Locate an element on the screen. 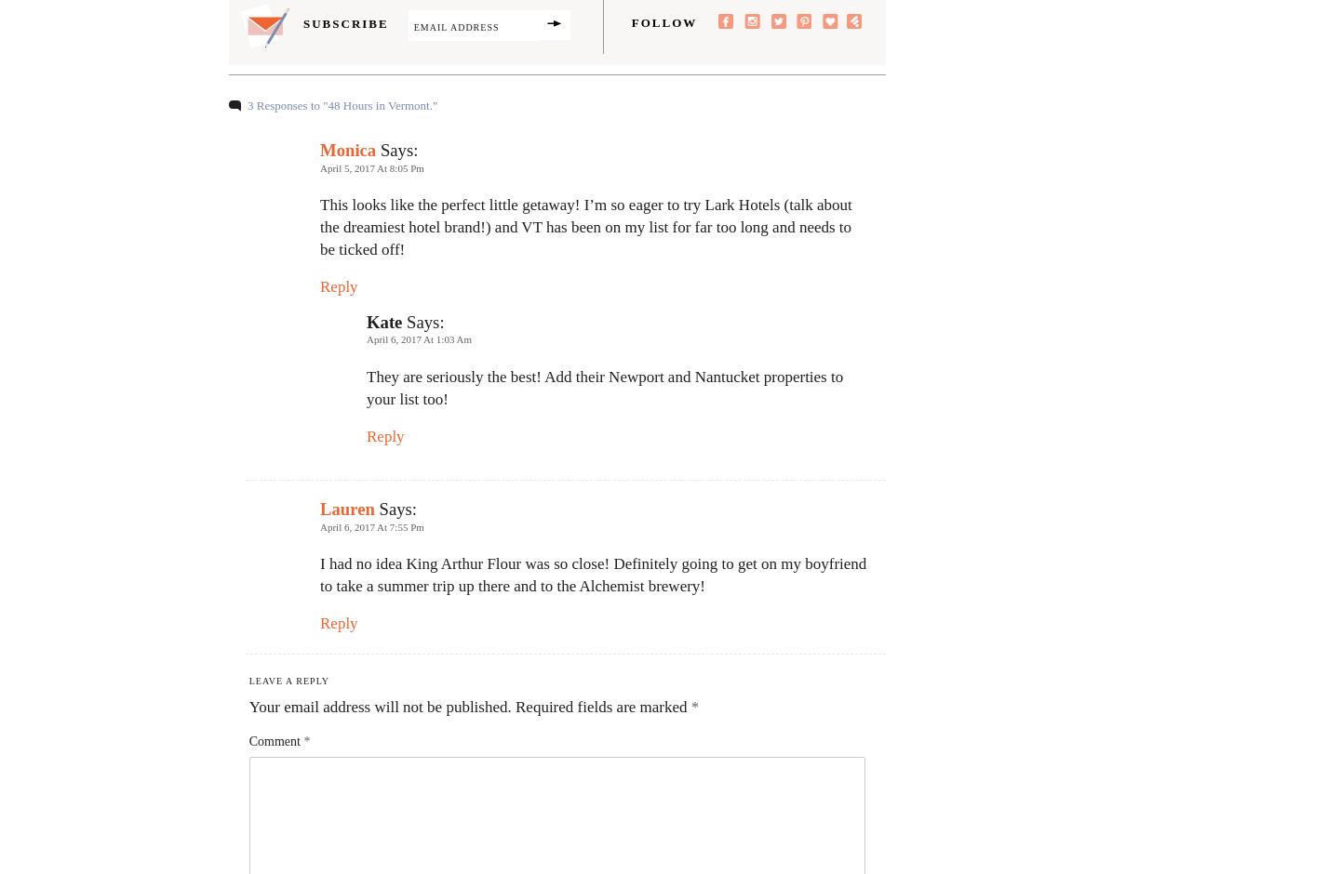 The width and height of the screenshot is (1340, 874). 'Comment' is located at coordinates (275, 740).